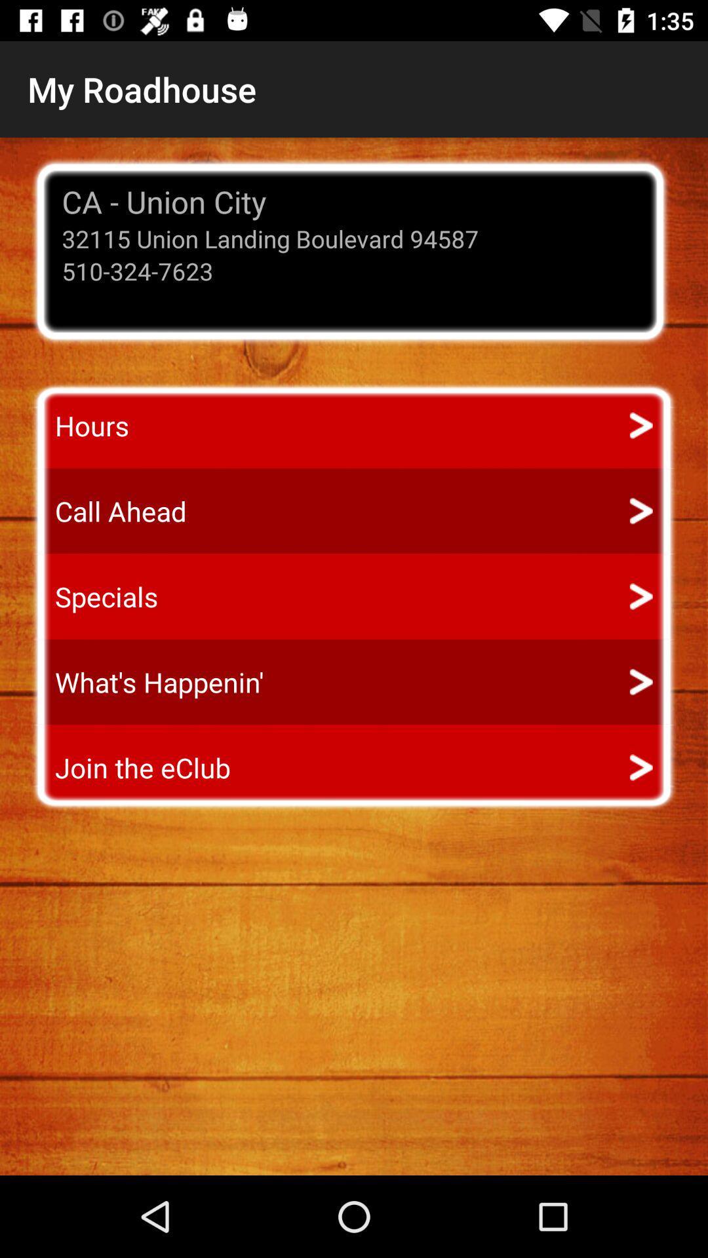  I want to click on the join the eclub, so click(130, 767).